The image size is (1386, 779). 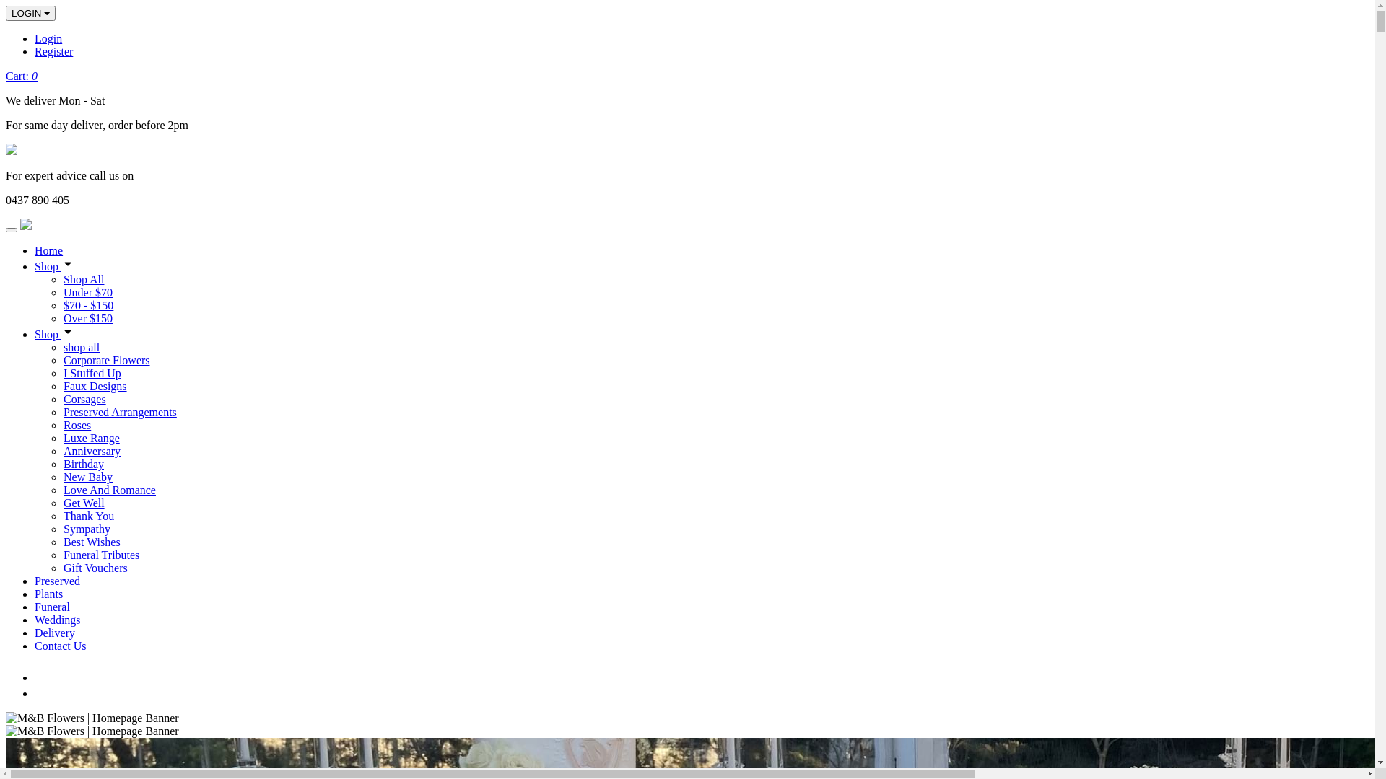 I want to click on 'Roses', so click(x=76, y=424).